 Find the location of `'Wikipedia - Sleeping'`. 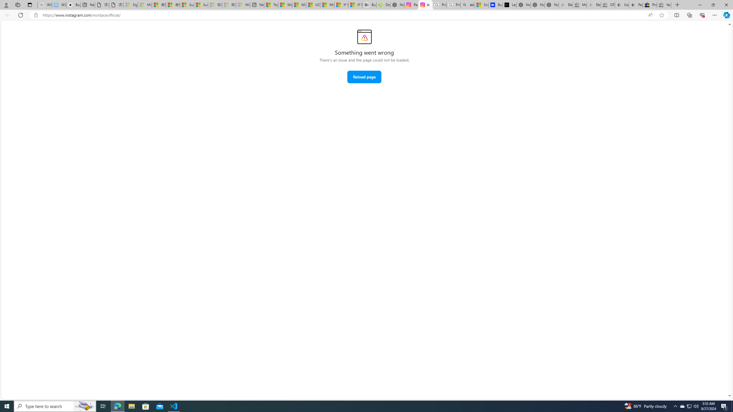

'Wikipedia - Sleeping' is located at coordinates (44, 5).